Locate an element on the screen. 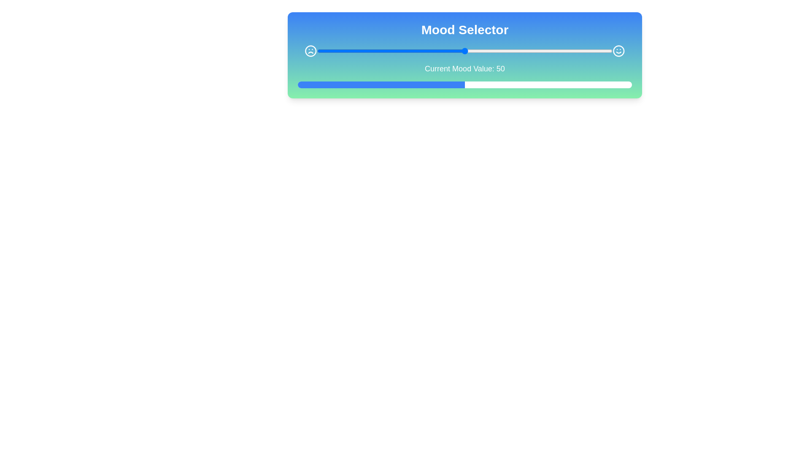 Image resolution: width=810 pixels, height=456 pixels. the mood slider is located at coordinates (591, 51).